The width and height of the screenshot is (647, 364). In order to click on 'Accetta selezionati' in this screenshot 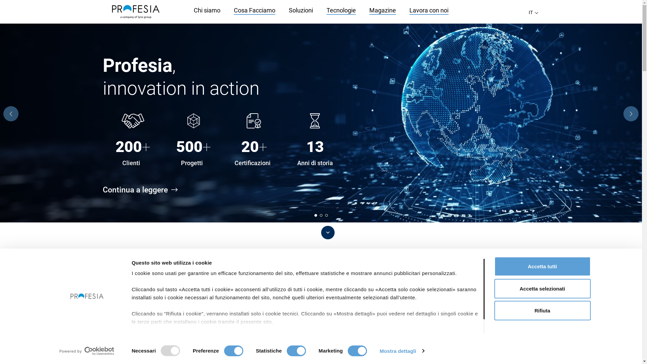, I will do `click(494, 288)`.